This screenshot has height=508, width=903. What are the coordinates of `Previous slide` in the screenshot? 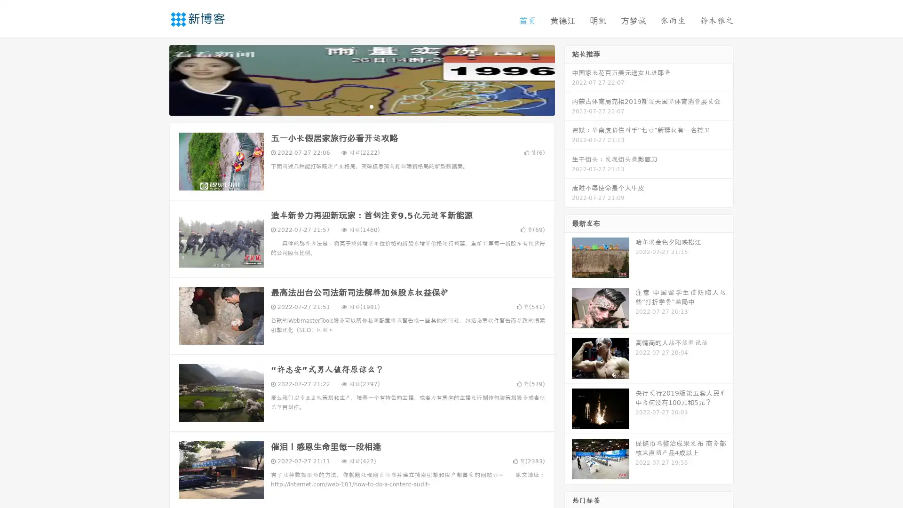 It's located at (155, 79).